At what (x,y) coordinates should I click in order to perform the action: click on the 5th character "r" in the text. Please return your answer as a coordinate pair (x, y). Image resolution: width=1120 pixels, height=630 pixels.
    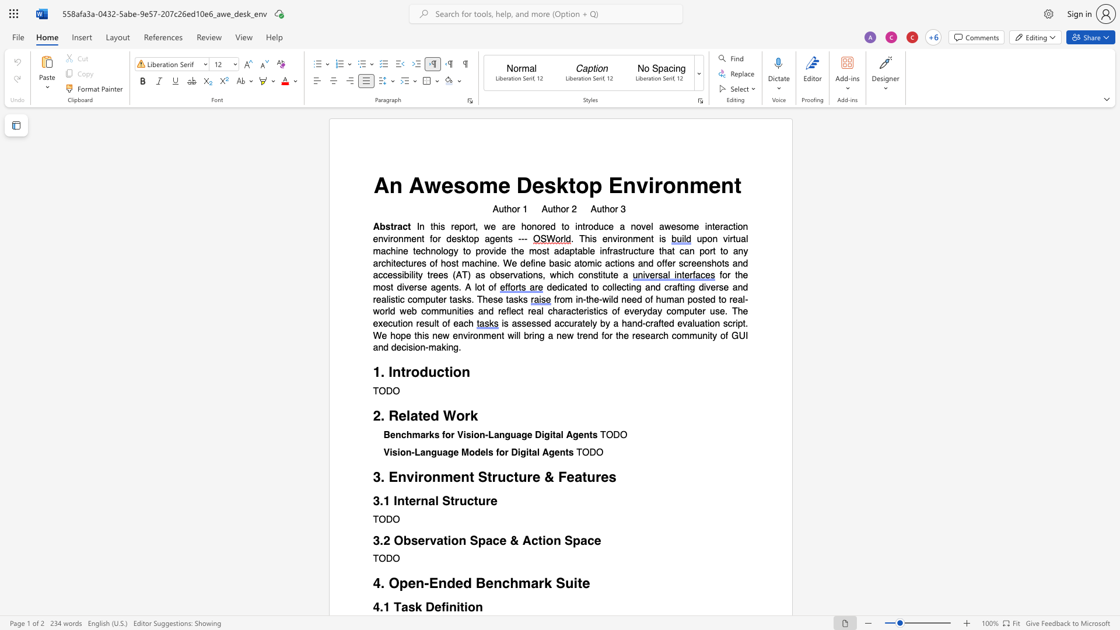
    Looking at the image, I should click on (657, 335).